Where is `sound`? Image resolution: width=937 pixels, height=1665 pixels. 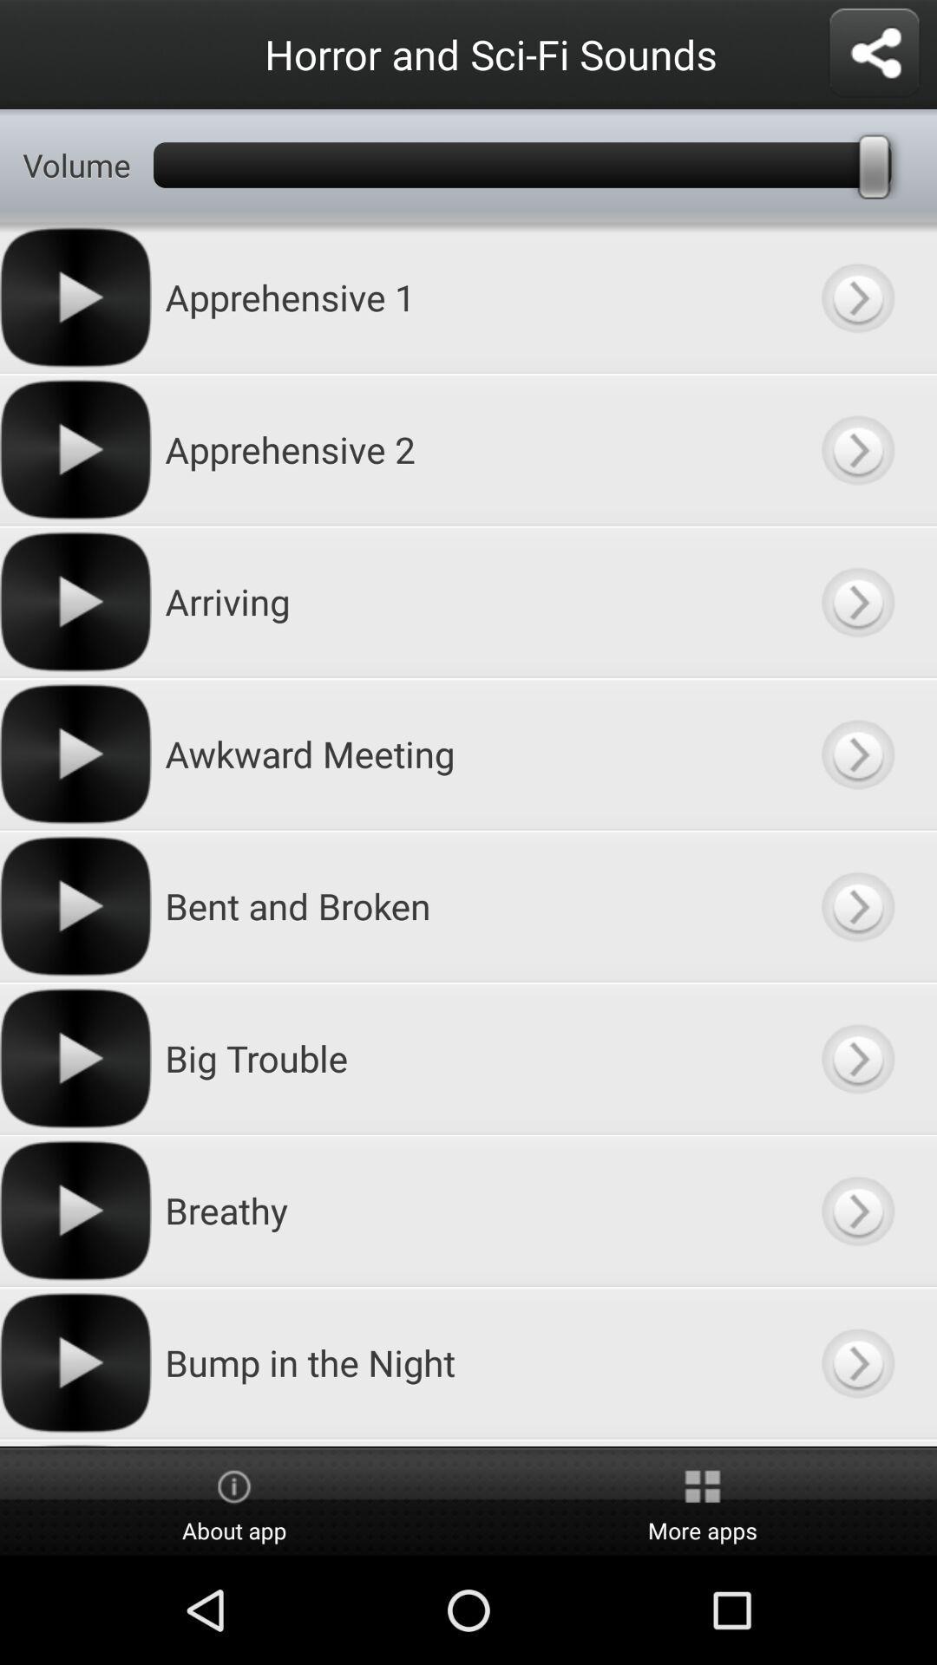 sound is located at coordinates (856, 1361).